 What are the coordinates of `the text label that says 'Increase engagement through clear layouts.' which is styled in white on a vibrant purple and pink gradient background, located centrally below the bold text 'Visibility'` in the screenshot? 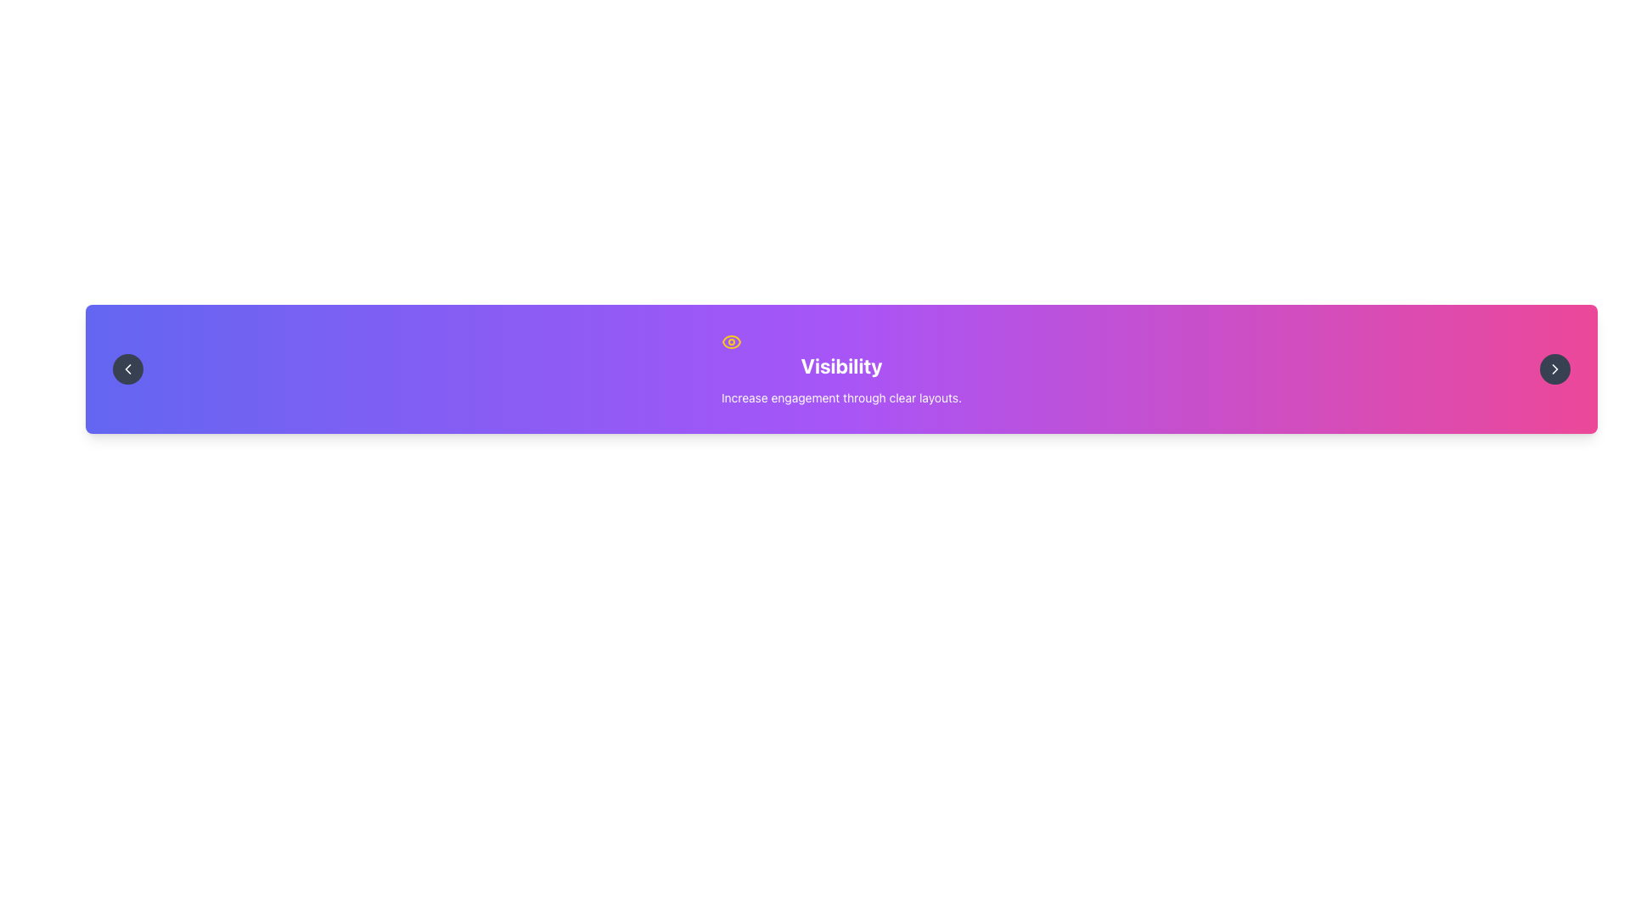 It's located at (841, 398).